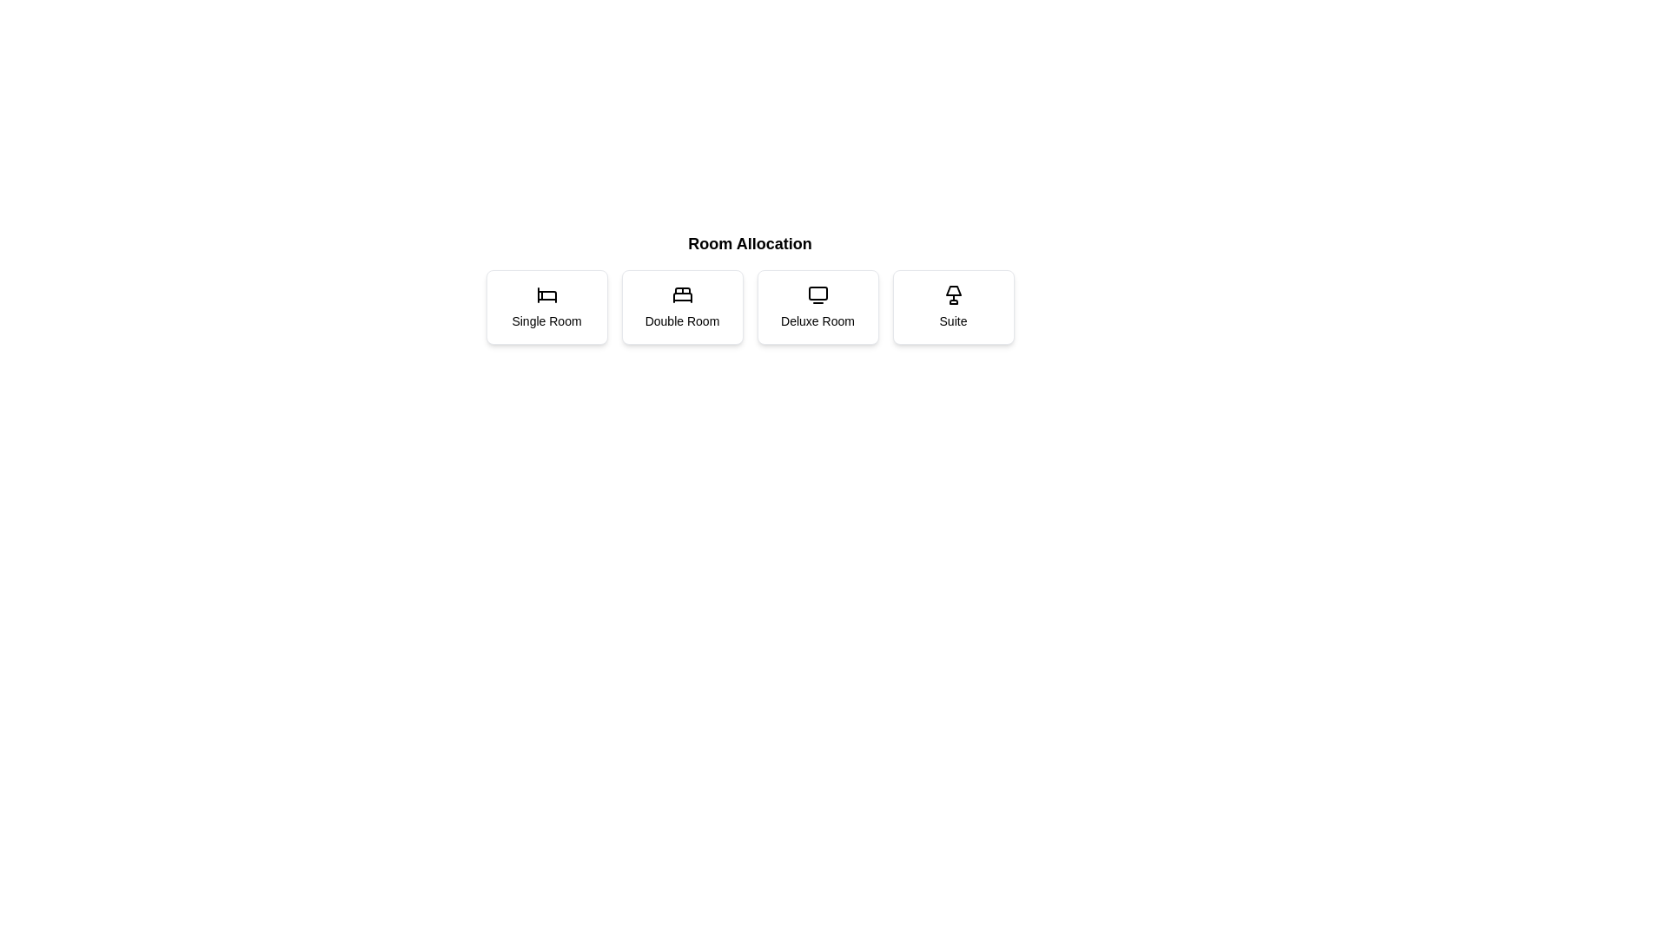  I want to click on the button corresponding to the room type Double Room, so click(681, 307).